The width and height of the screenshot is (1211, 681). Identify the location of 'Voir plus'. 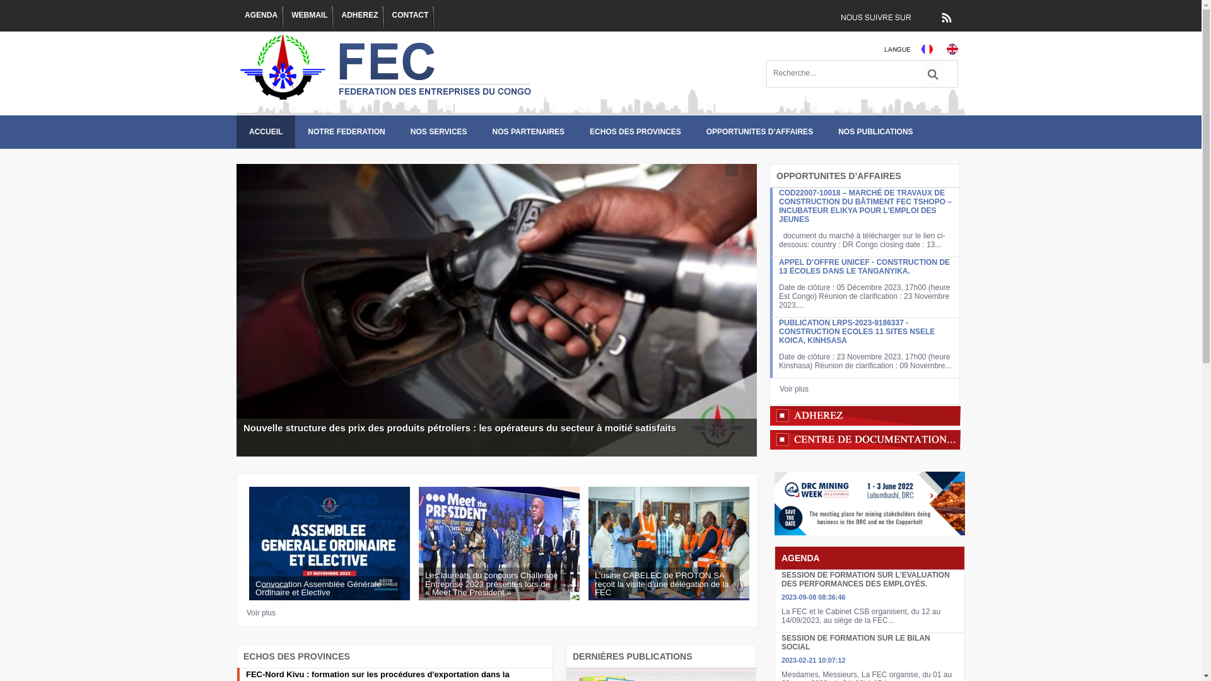
(260, 612).